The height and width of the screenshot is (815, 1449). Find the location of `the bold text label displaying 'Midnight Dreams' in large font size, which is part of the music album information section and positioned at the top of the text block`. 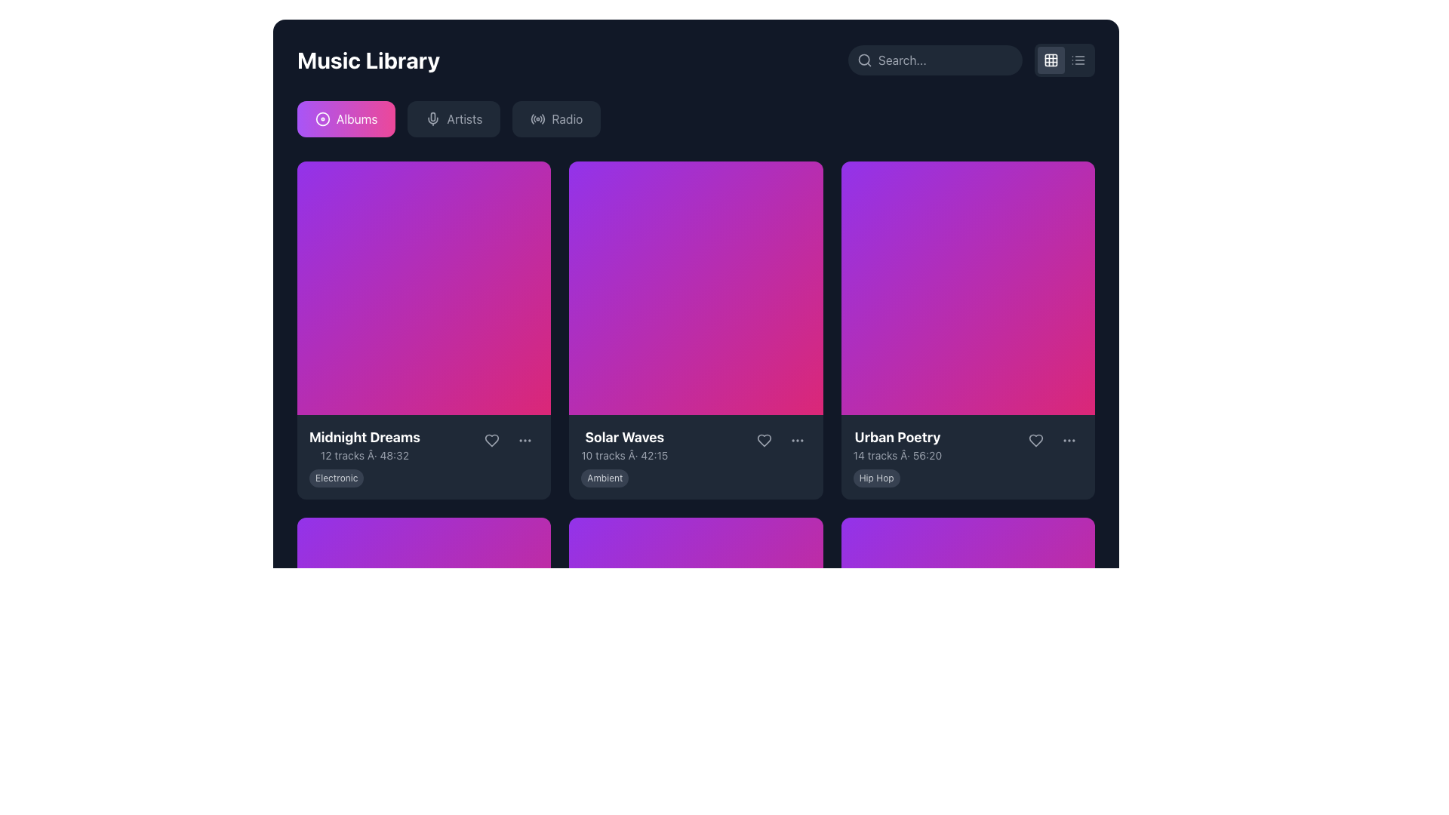

the bold text label displaying 'Midnight Dreams' in large font size, which is part of the music album information section and positioned at the top of the text block is located at coordinates (365, 438).